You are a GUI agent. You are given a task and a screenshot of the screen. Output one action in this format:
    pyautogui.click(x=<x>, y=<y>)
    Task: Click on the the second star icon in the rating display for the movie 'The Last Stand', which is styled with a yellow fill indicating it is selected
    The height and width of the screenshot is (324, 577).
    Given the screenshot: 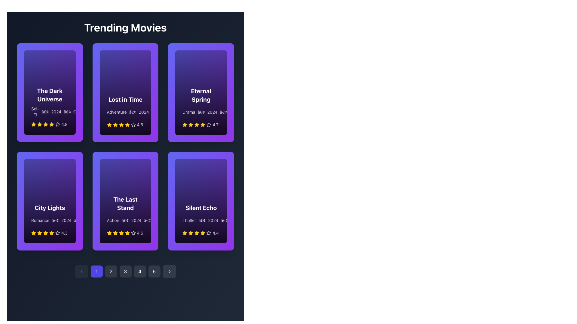 What is the action you would take?
    pyautogui.click(x=115, y=232)
    